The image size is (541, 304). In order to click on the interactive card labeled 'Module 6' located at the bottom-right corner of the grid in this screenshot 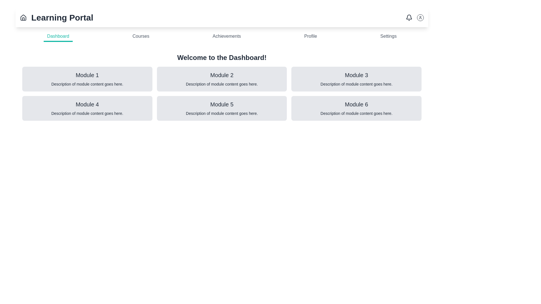, I will do `click(356, 108)`.